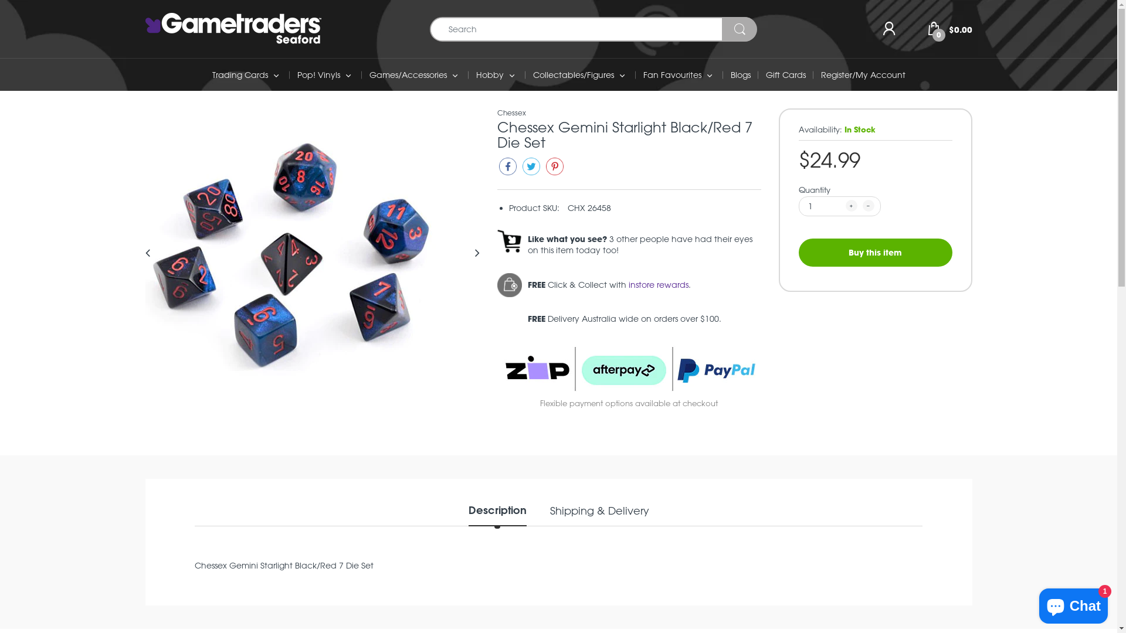 This screenshot has width=1126, height=633. I want to click on 'gametradersseaford.com.au', so click(233, 27).